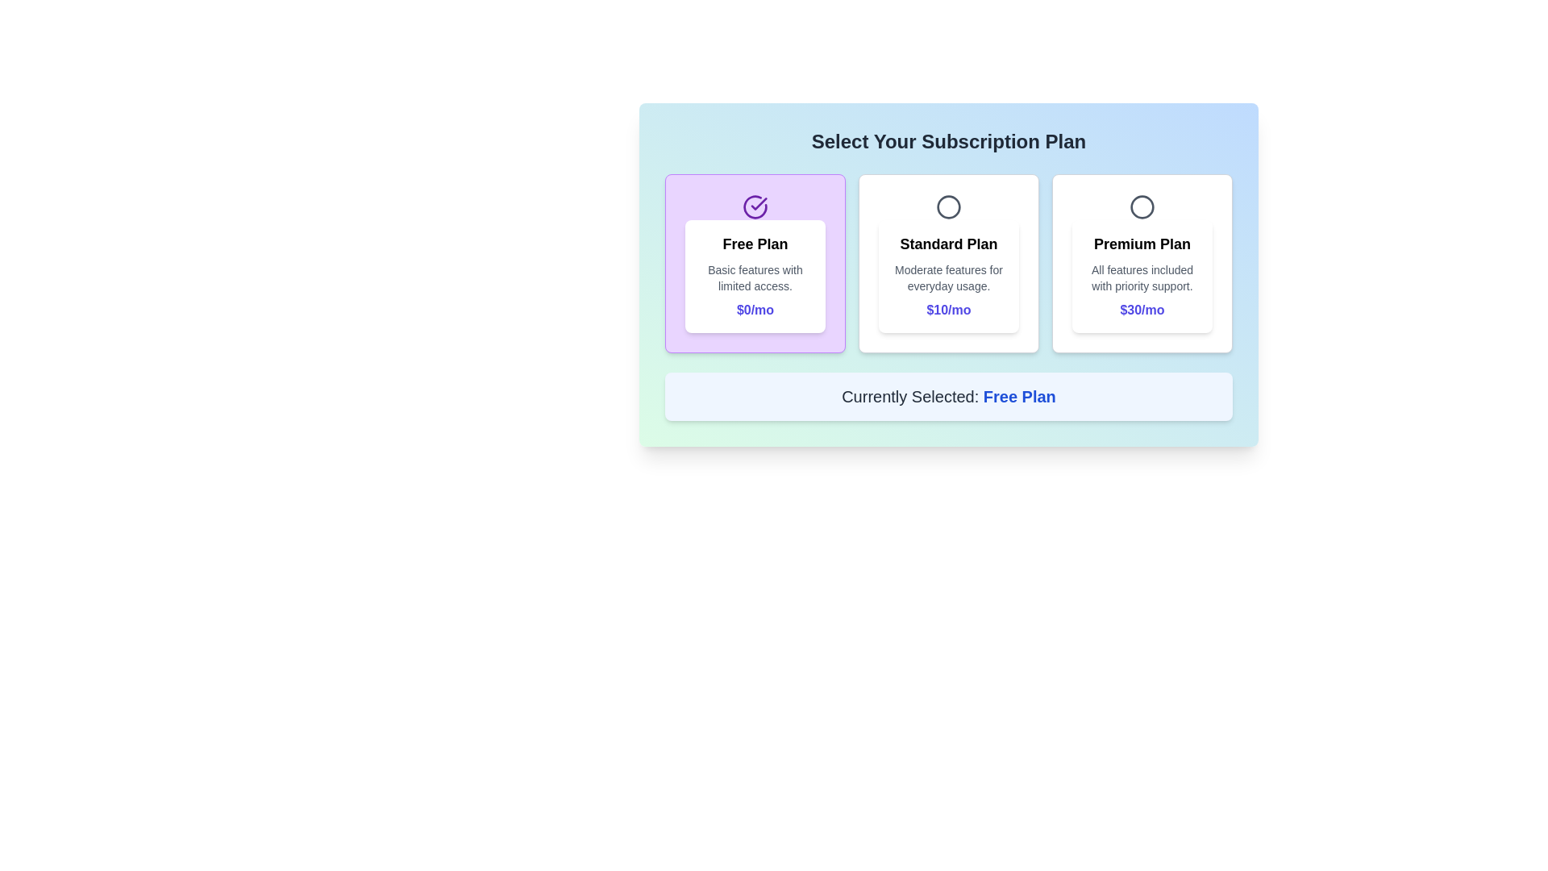 The height and width of the screenshot is (871, 1548). Describe the element at coordinates (948, 310) in the screenshot. I see `the Label displaying the monthly cost of the 'Standard Plan' subscription, located below the descriptive text 'Moderate features for everyday usage.' in the 'Standard Plan' card` at that location.